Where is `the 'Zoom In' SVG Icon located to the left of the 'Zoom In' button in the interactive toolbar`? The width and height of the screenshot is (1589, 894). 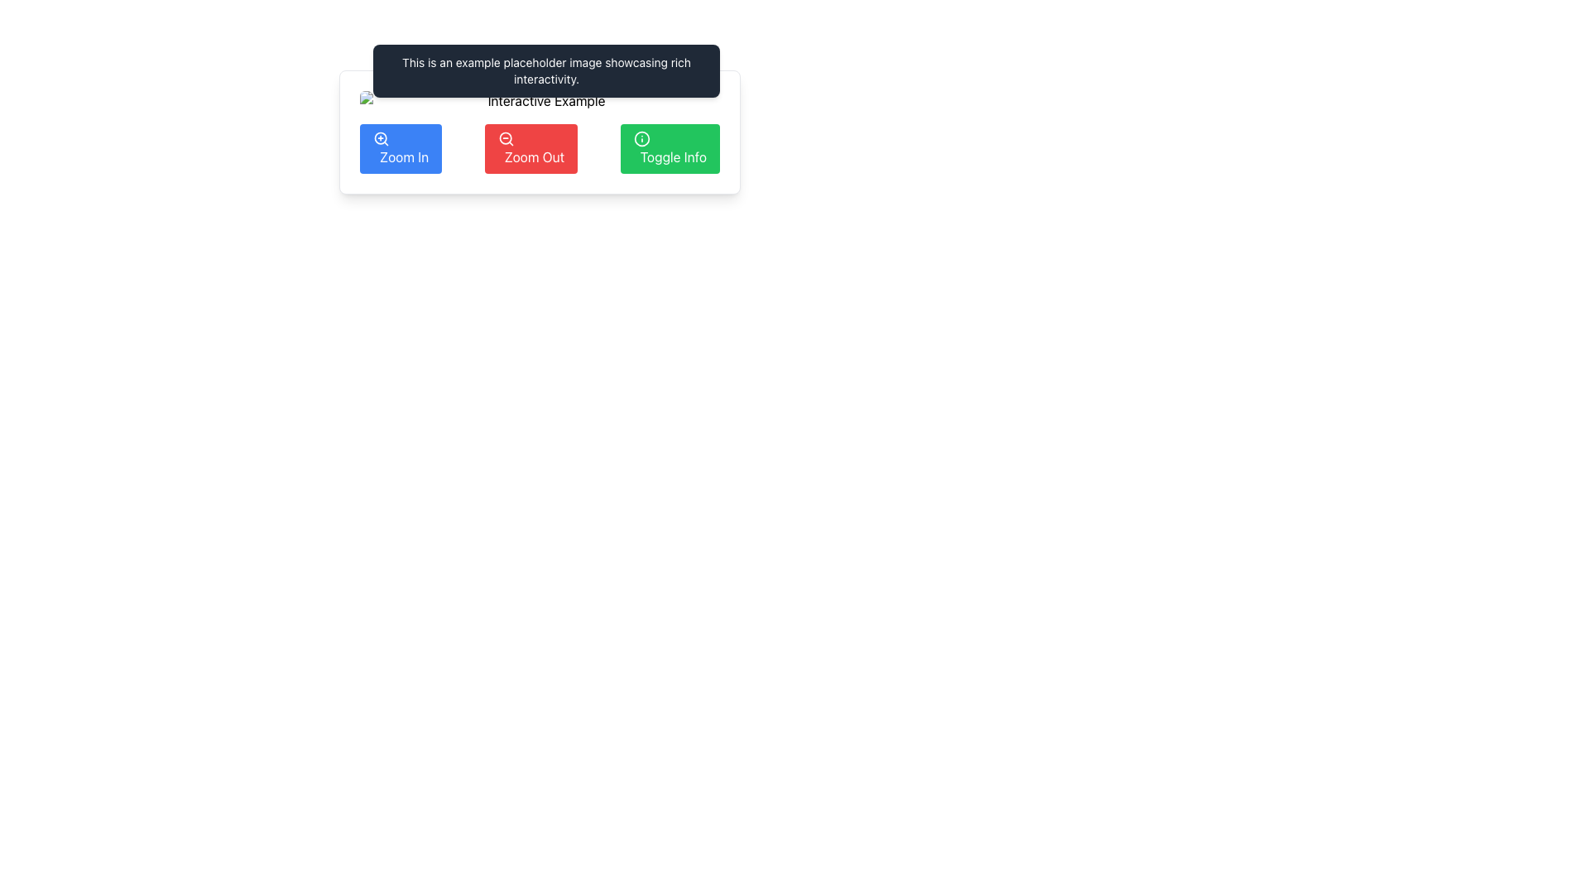 the 'Zoom In' SVG Icon located to the left of the 'Zoom In' button in the interactive toolbar is located at coordinates (380, 138).